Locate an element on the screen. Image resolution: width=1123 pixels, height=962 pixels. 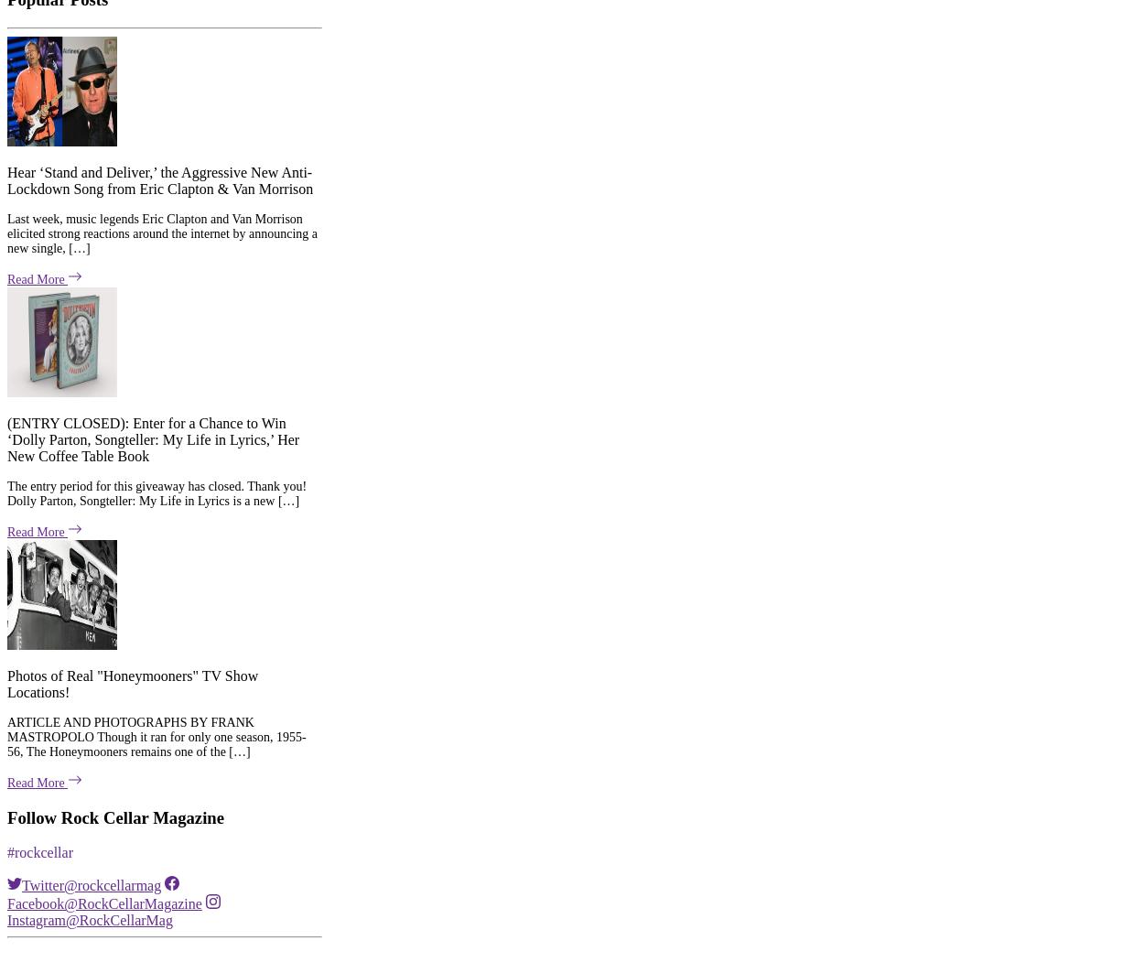
'Twitter@rockcellarmag' is located at coordinates (22, 611).